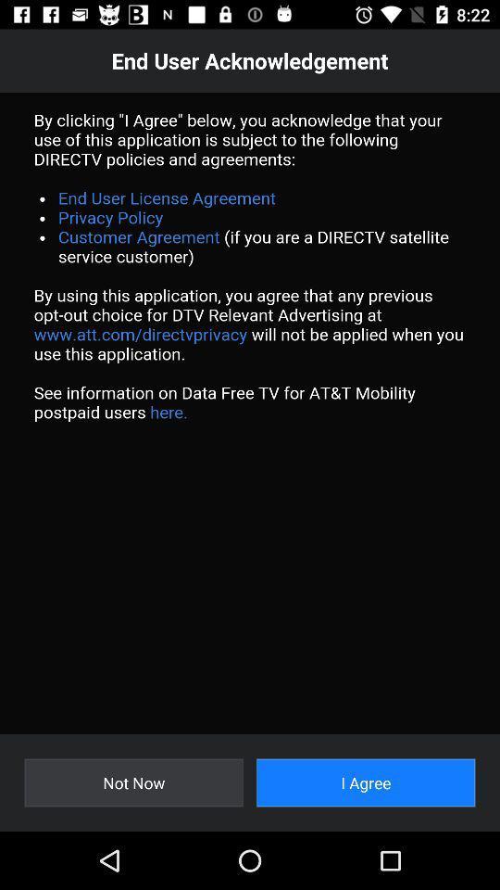 The width and height of the screenshot is (500, 890). Describe the element at coordinates (250, 413) in the screenshot. I see `read the end user acknowledgement page` at that location.